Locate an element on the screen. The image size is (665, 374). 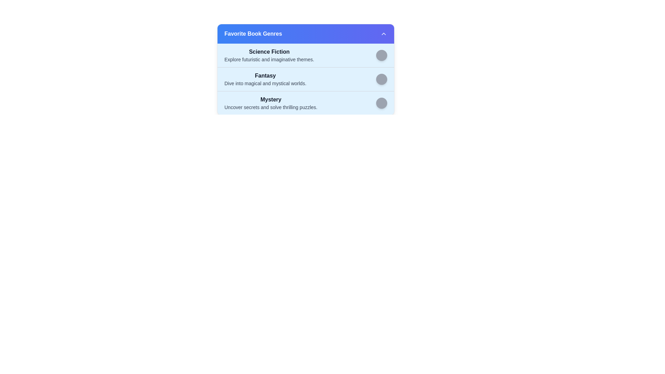
the circular button with a gray background located towards the right end inside the 'Fantasy' section is located at coordinates (381, 79).